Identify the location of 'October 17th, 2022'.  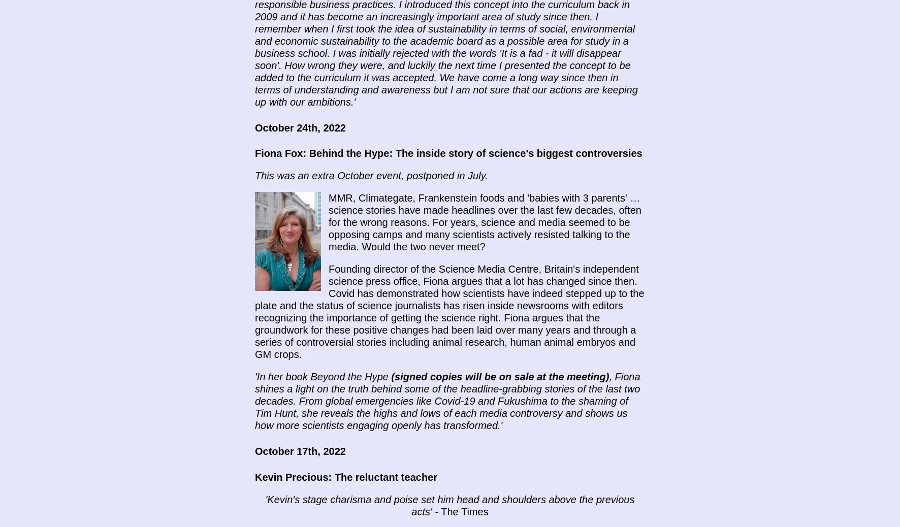
(300, 451).